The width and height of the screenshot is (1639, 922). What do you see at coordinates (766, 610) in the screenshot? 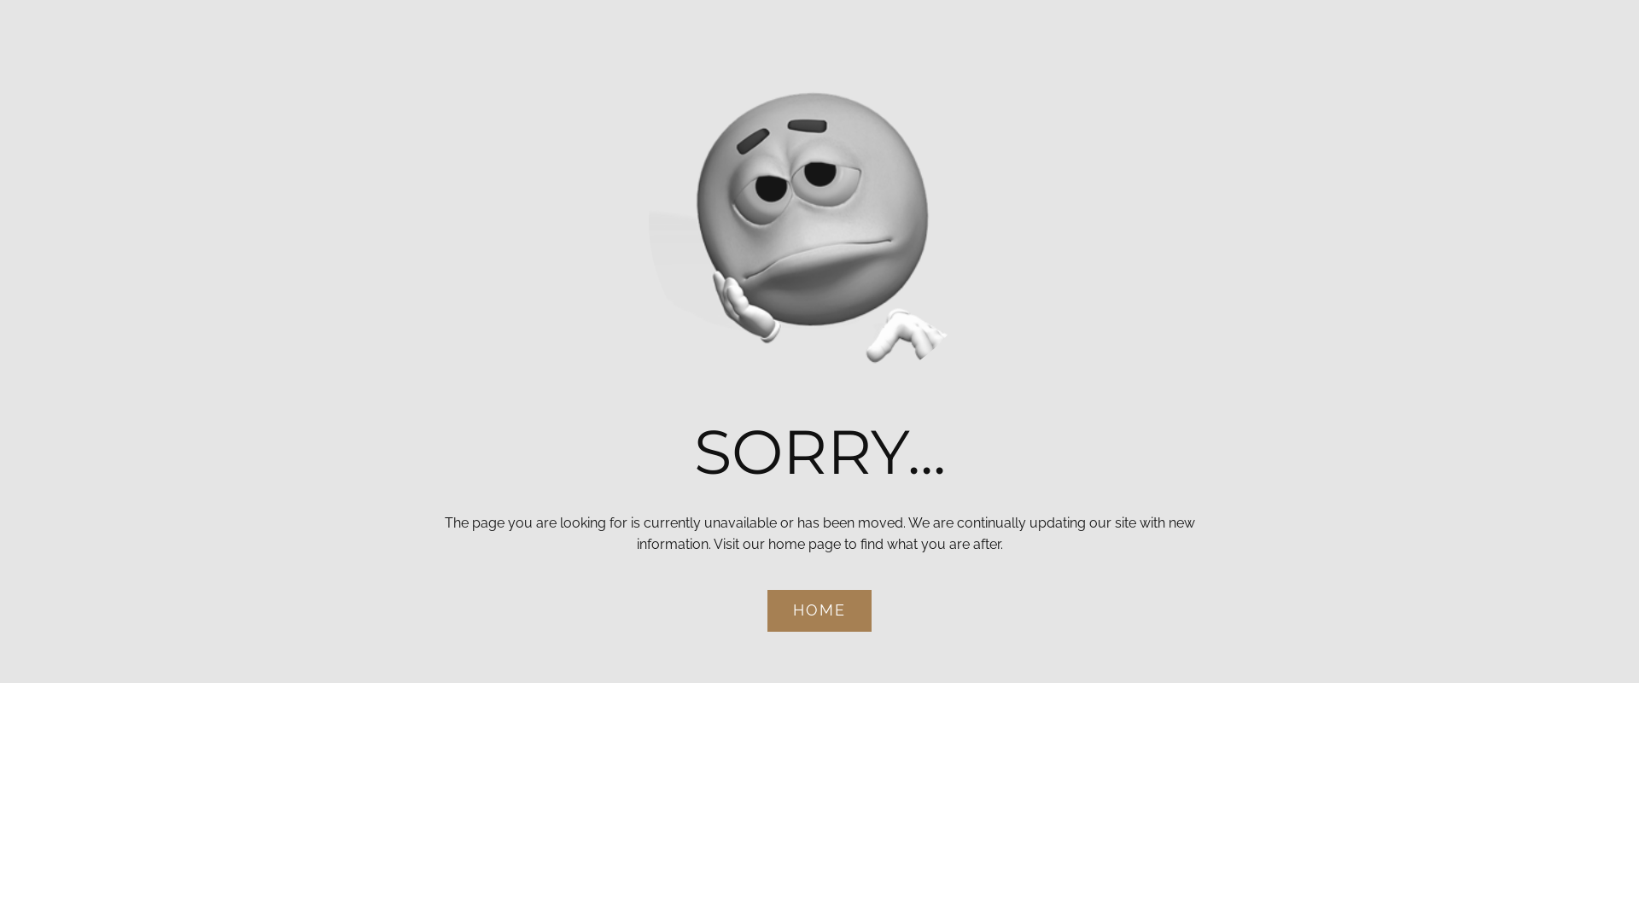
I see `'HOME'` at bounding box center [766, 610].